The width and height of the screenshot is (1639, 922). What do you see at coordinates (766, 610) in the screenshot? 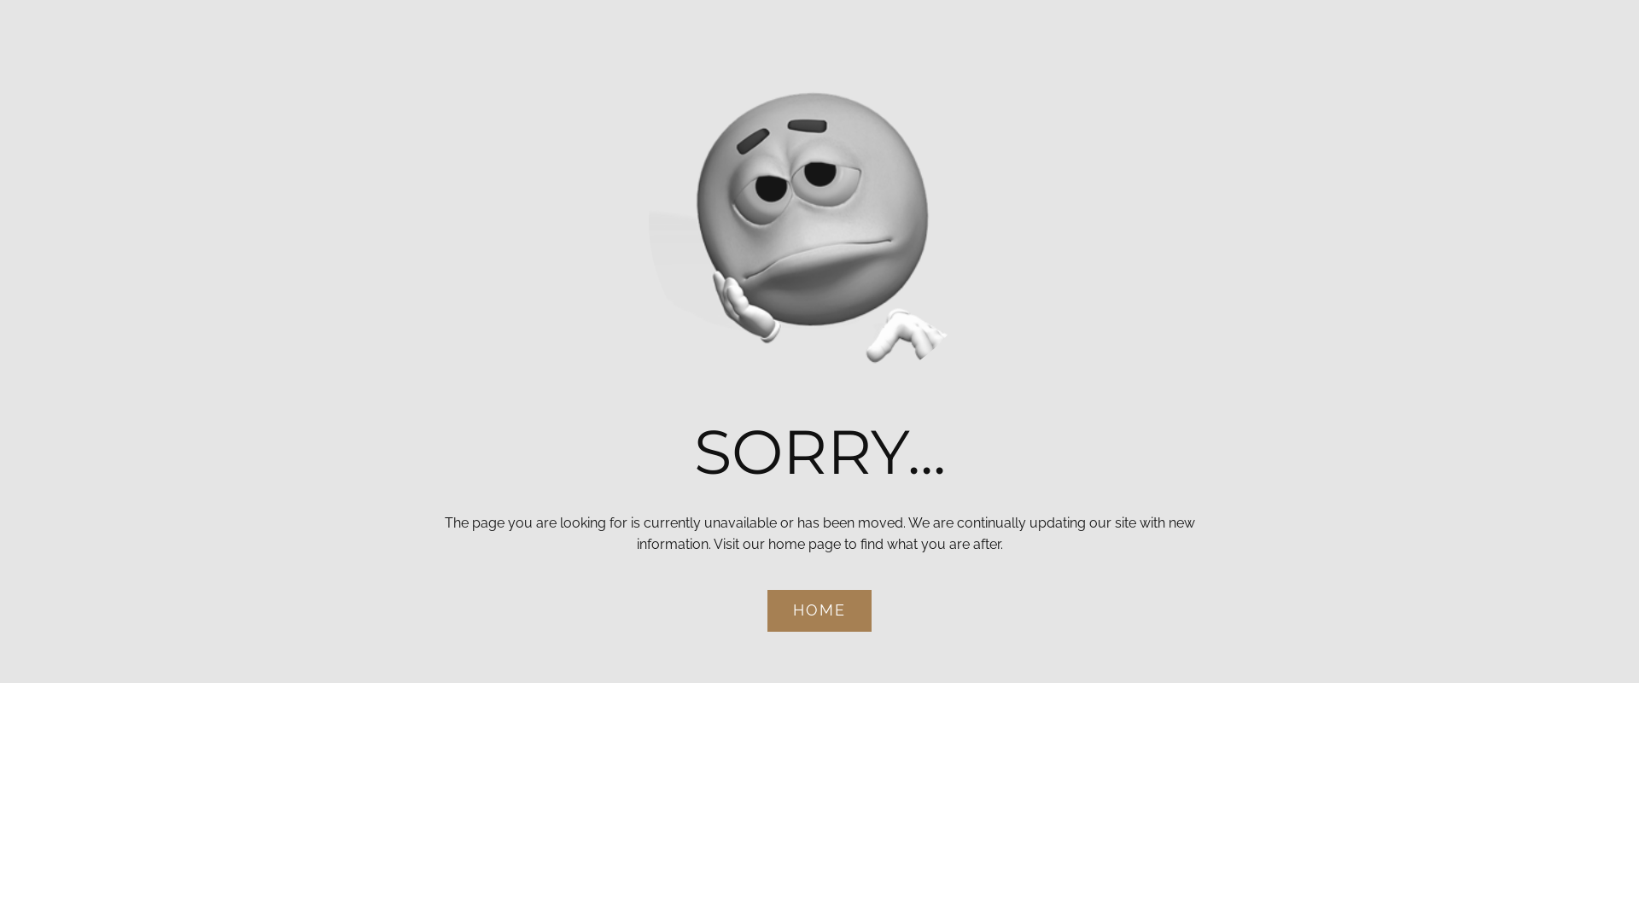
I see `'HOME'` at bounding box center [766, 610].